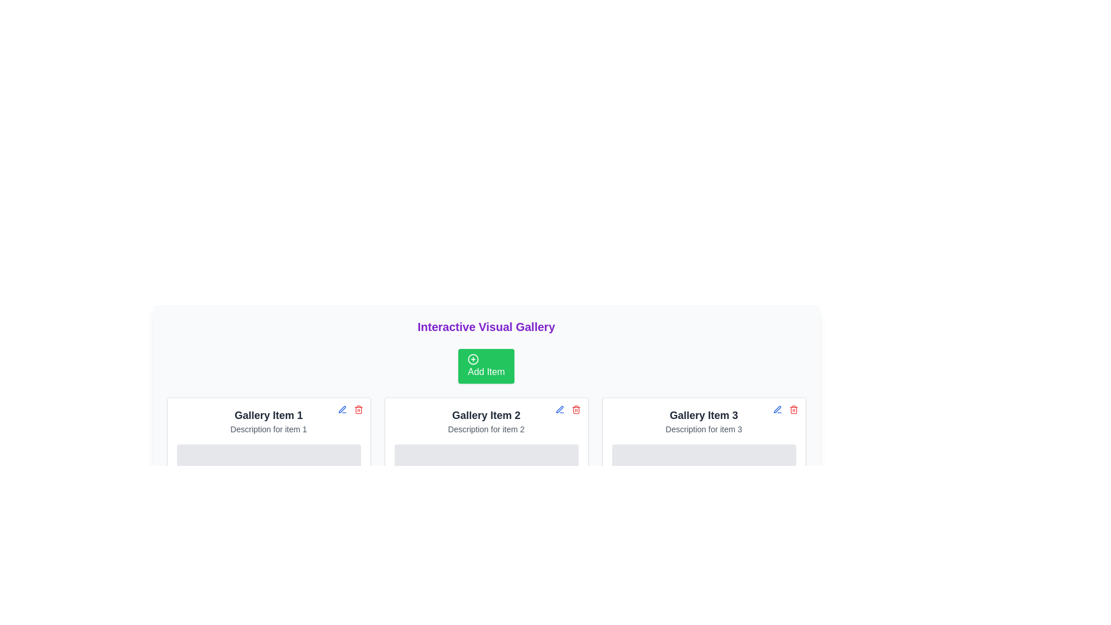 This screenshot has height=625, width=1111. Describe the element at coordinates (350, 409) in the screenshot. I see `the interactive icon group containing the blue pen and red trash icons located at the top-right corner of the card titled 'Gallery Item 1'` at that location.